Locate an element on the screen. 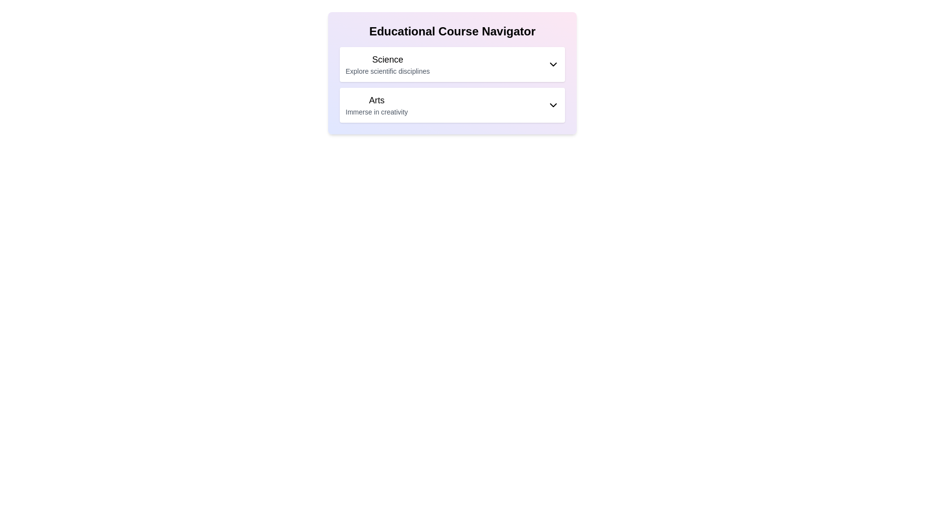 This screenshot has width=932, height=524. the descriptive text label 'Immerse in creativity' located below the title 'Arts' in the 'Educational Course Navigator' interface is located at coordinates (376, 112).